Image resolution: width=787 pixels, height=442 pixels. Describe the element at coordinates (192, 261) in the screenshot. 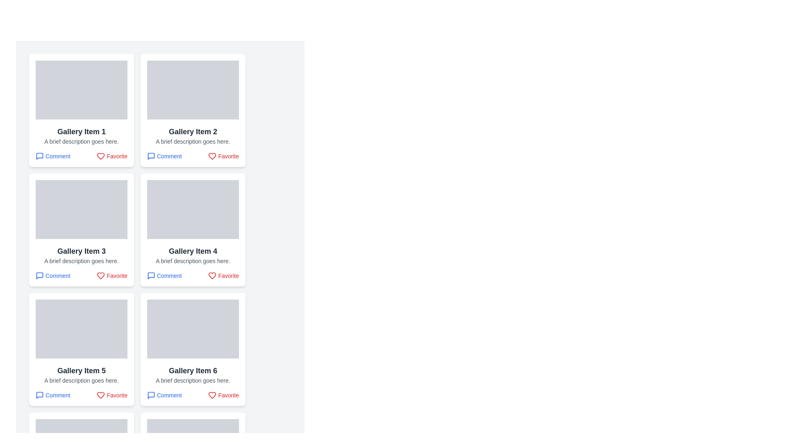

I see `text displayed under the heading 'Gallery Item 4' in the fourth card item located in the second row, second column of the grid layout` at that location.